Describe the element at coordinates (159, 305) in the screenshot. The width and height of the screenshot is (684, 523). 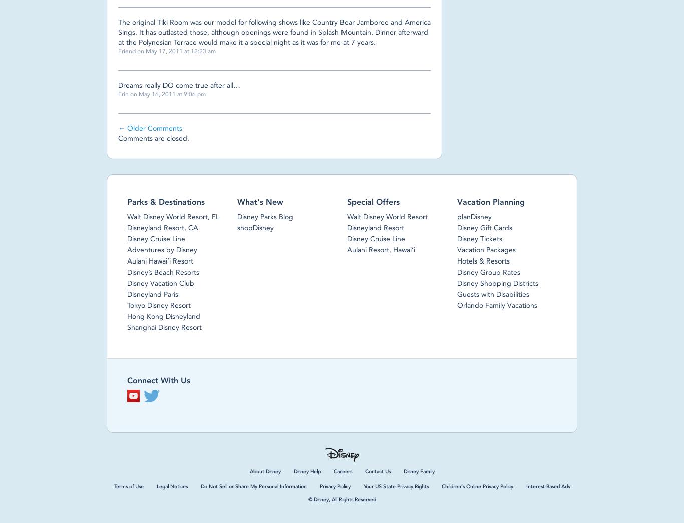
I see `'Tokyo Disney Resort'` at that location.